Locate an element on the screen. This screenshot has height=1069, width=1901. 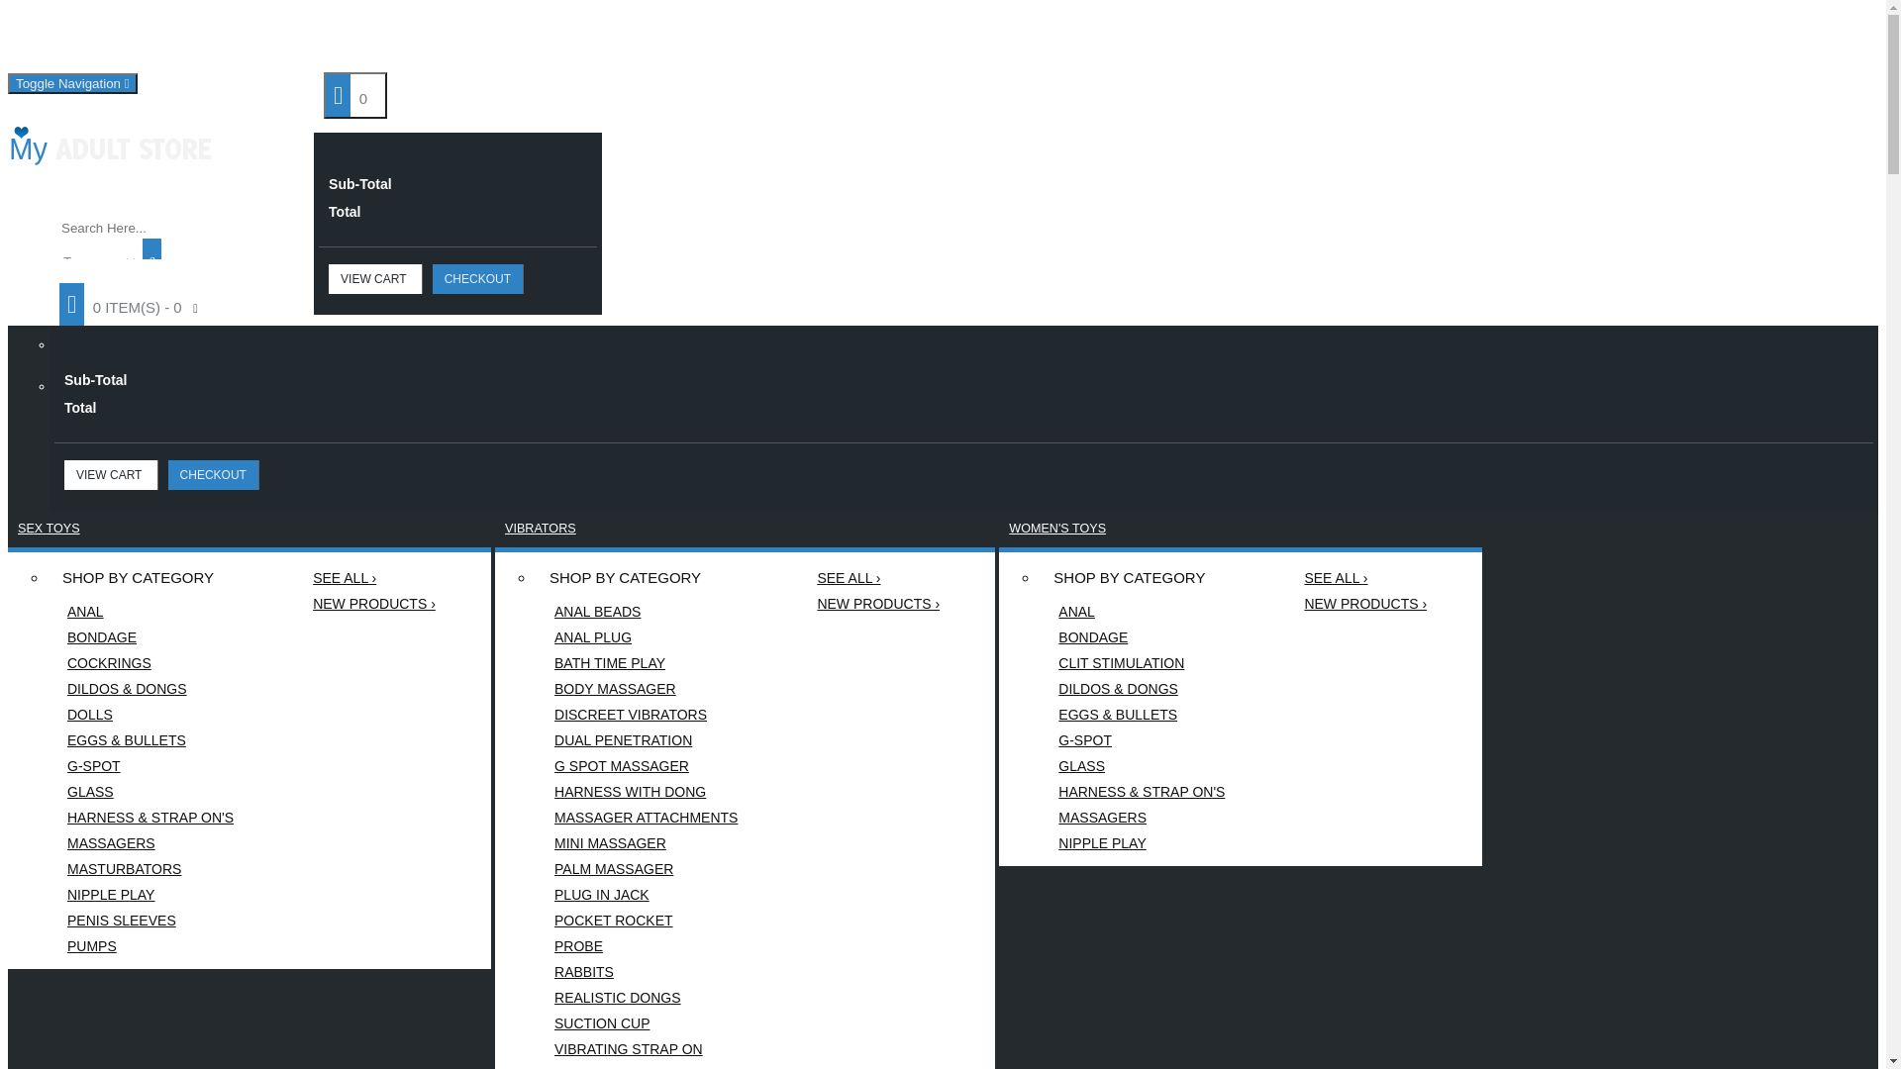
'PENIS SLEEVES' is located at coordinates (150, 920).